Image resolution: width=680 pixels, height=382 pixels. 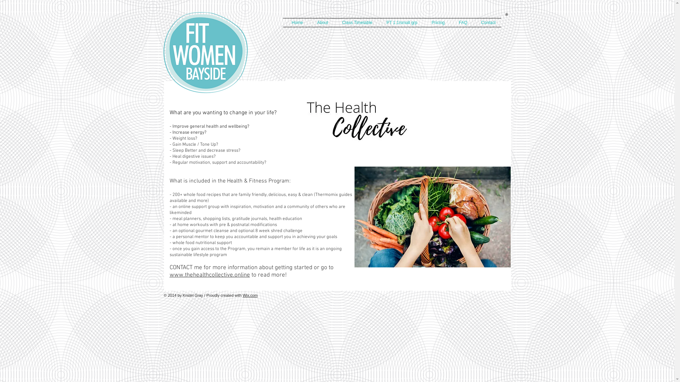 I want to click on 'Contact', so click(x=486, y=22).